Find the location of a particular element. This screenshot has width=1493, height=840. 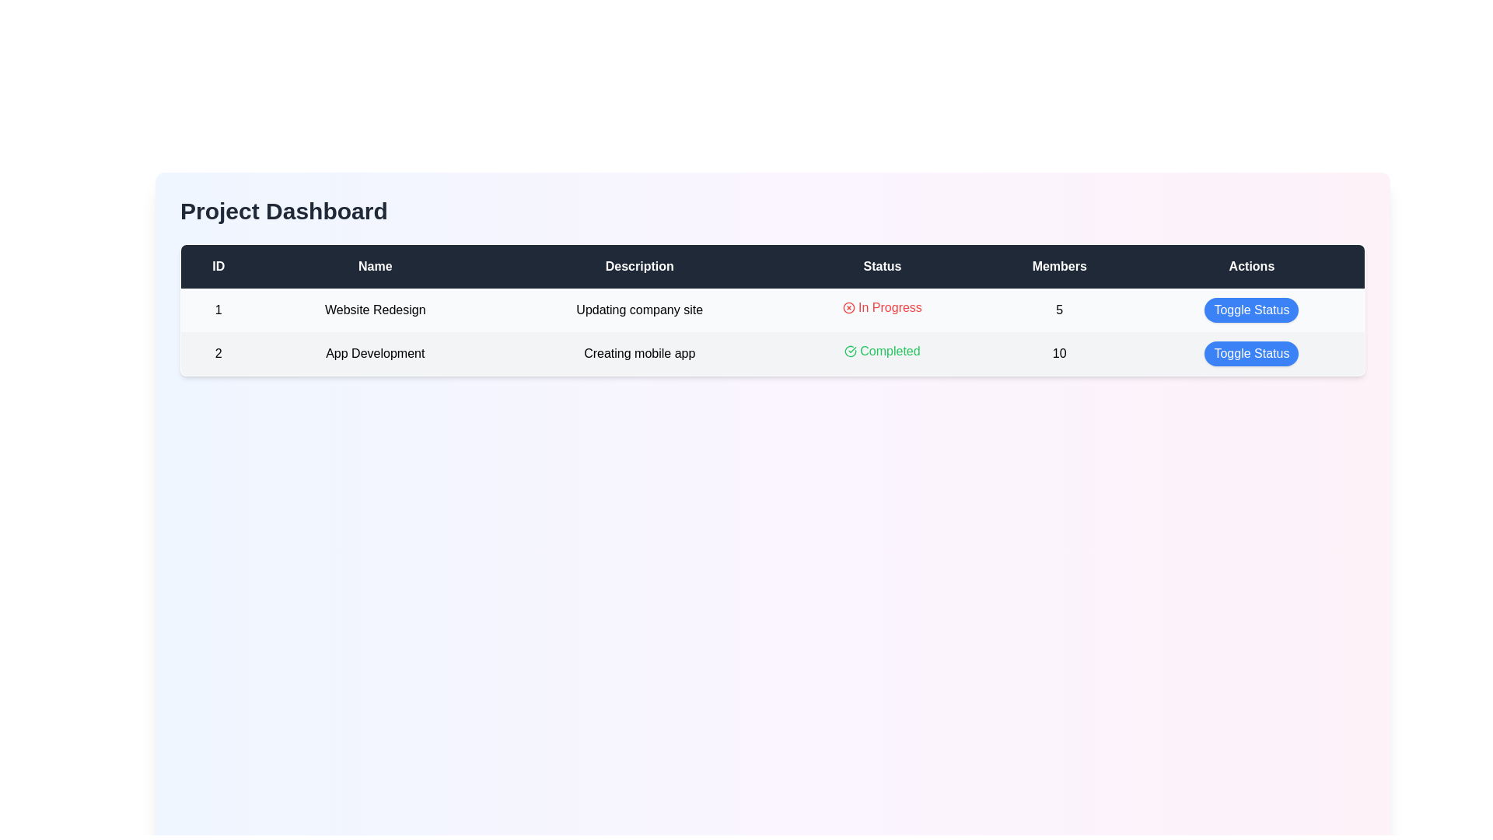

the 'Toggle Status' button, which is styled with a blue background and white text, located in the 'Actions' column of the second row in a table is located at coordinates (1251, 354).